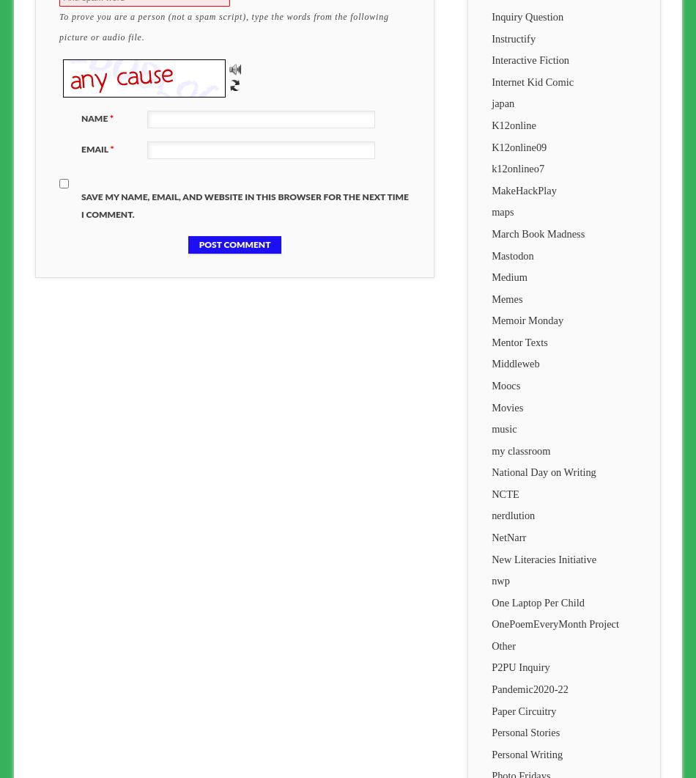  Describe the element at coordinates (525, 732) in the screenshot. I see `'Personal Stories'` at that location.